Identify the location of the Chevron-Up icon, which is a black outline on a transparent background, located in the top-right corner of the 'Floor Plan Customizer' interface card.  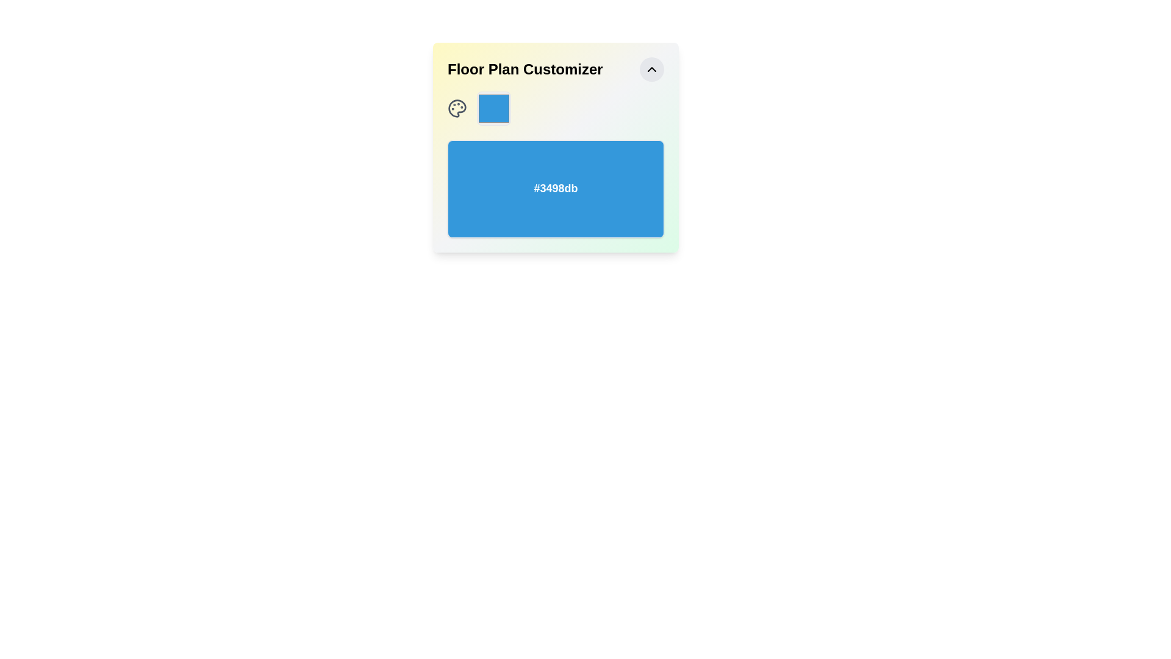
(651, 70).